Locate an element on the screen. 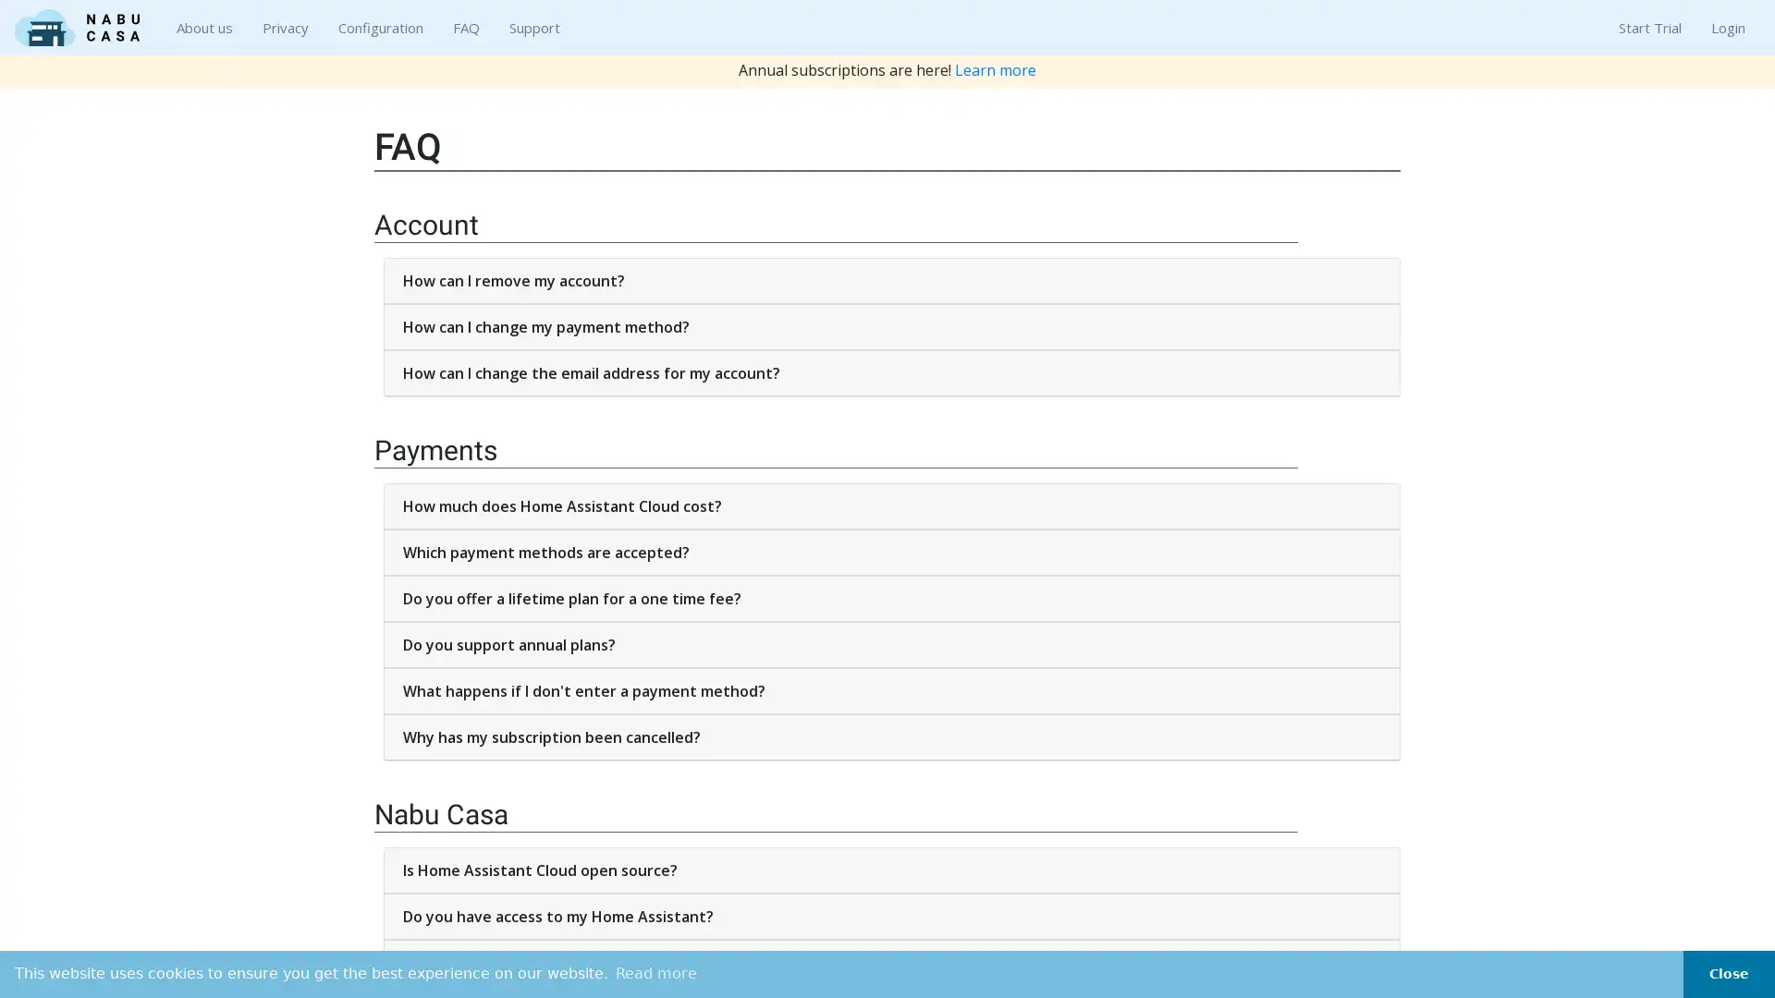  Do you have access to my Home Assistant? is located at coordinates (891, 916).